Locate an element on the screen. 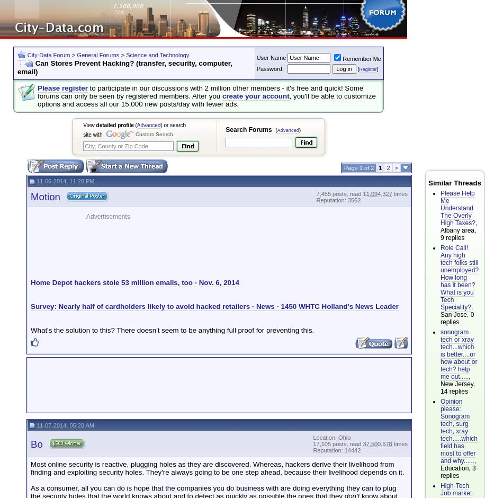  'create your account' is located at coordinates (221, 95).